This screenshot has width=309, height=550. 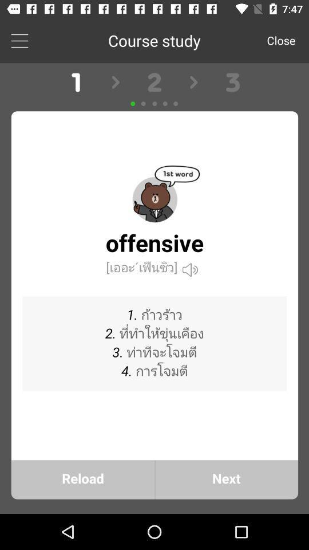 What do you see at coordinates (19, 40) in the screenshot?
I see `menu option` at bounding box center [19, 40].